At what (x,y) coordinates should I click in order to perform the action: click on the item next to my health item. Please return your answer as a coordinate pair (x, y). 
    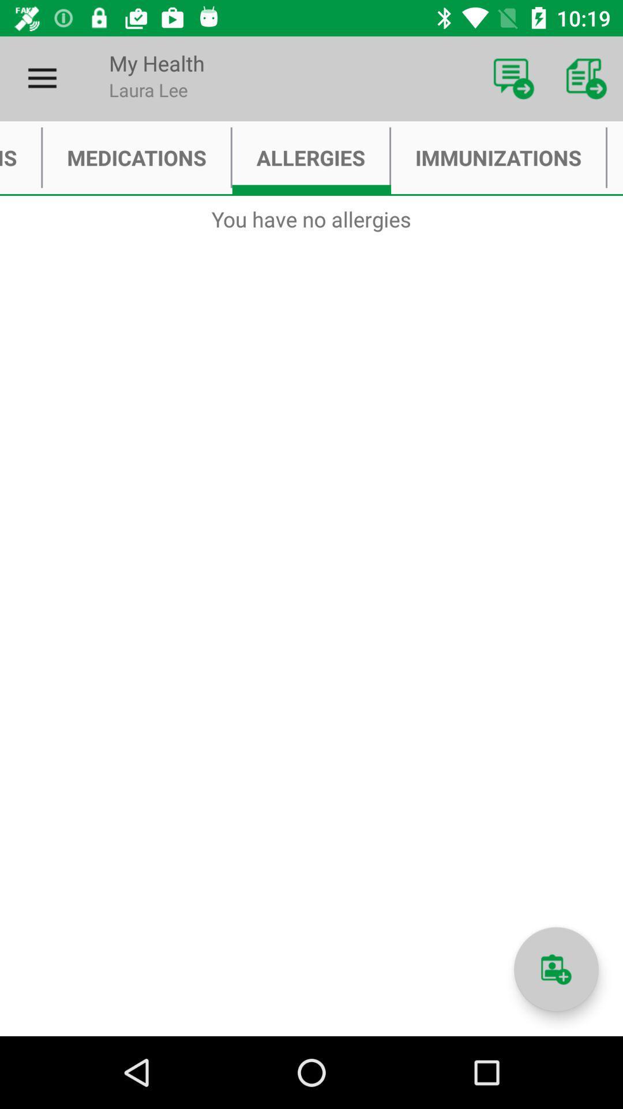
    Looking at the image, I should click on (42, 78).